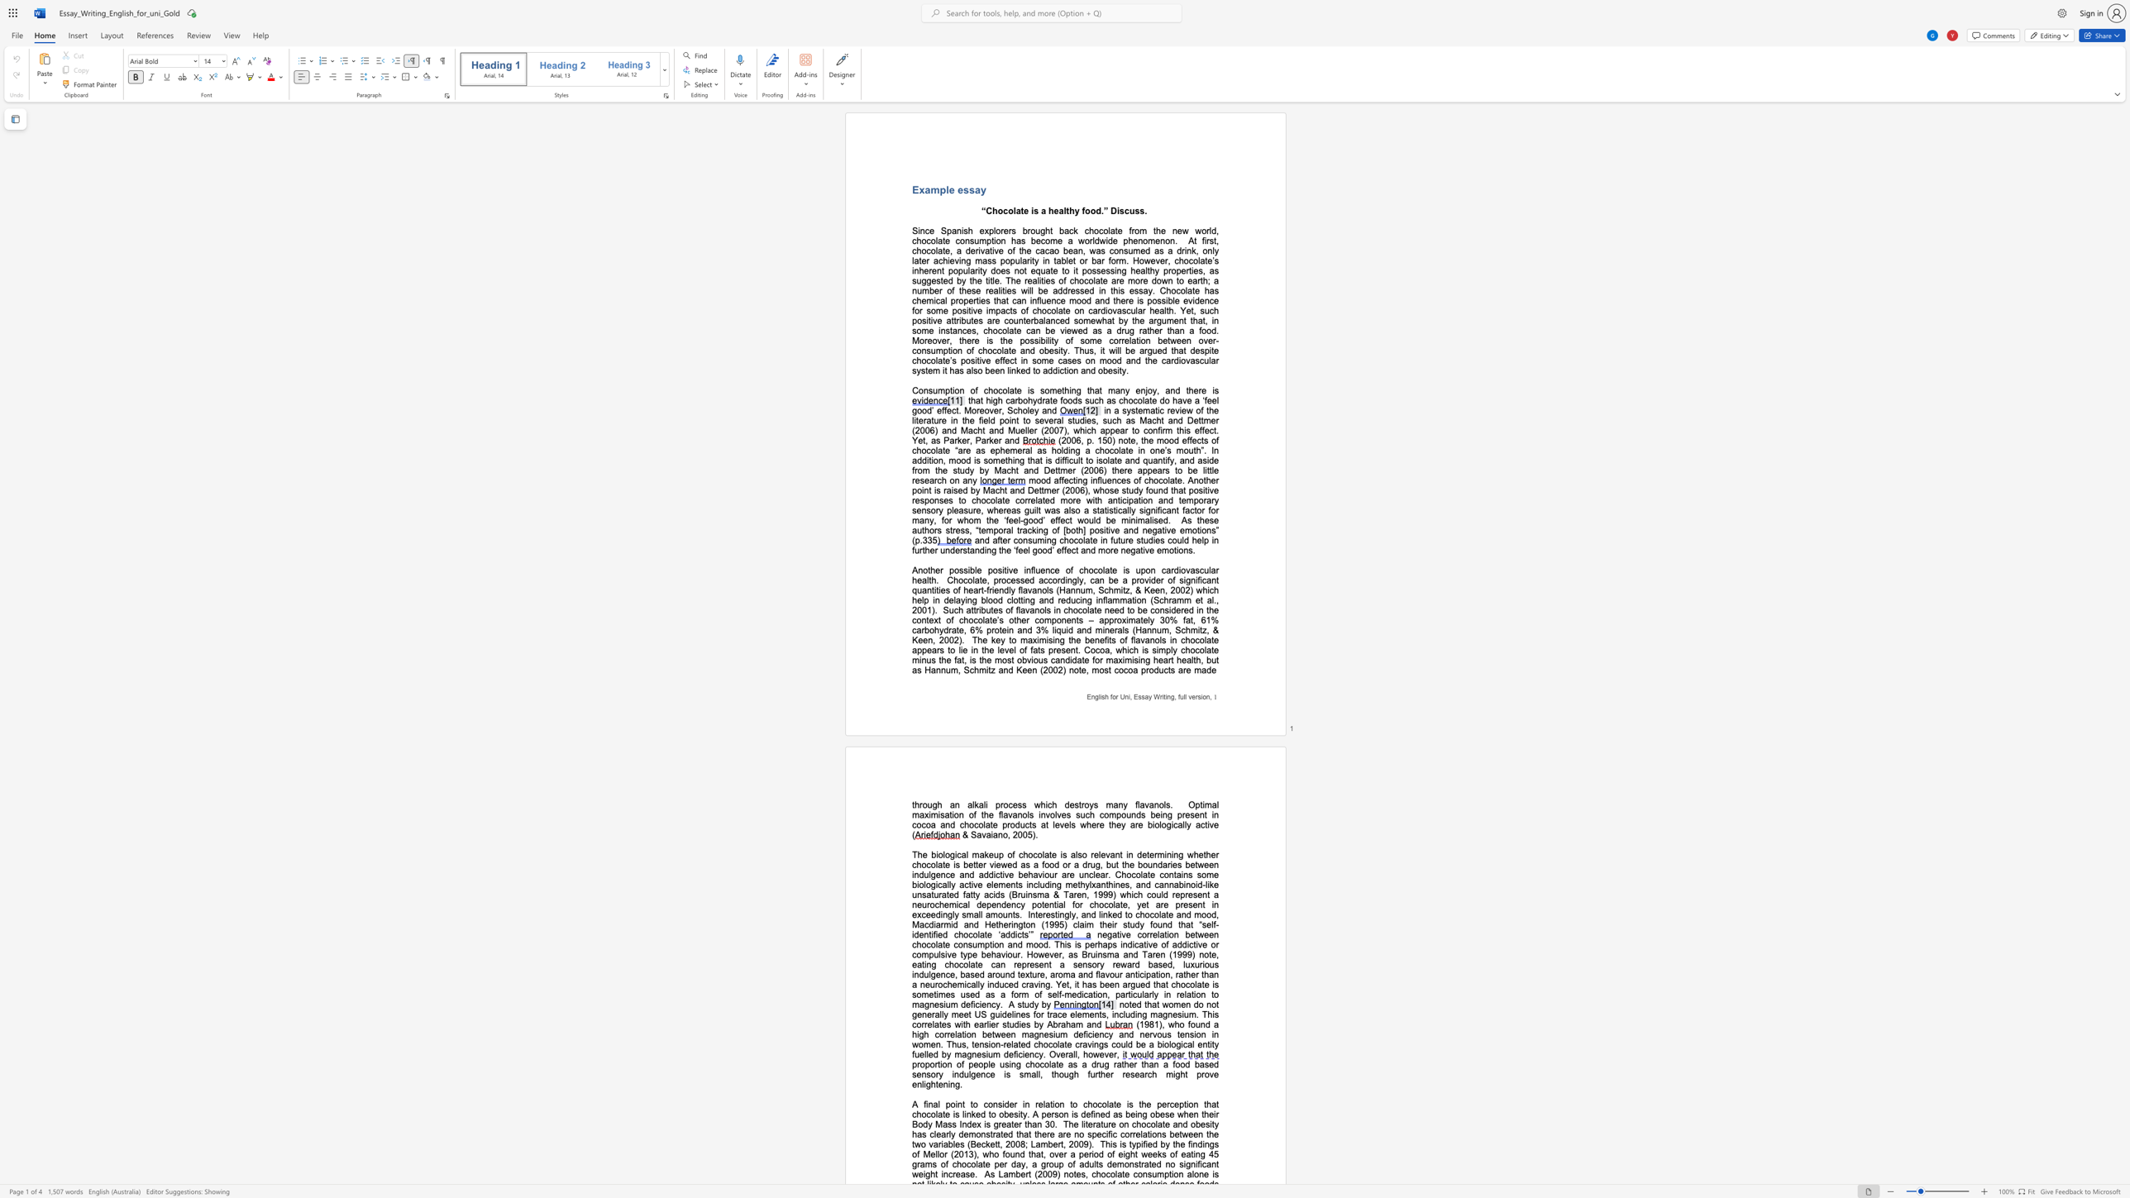 This screenshot has width=2130, height=1198. What do you see at coordinates (1049, 570) in the screenshot?
I see `the subset text "ce o" within the text "Another possible positive influence of chocolate is upon cardiovascular health"` at bounding box center [1049, 570].